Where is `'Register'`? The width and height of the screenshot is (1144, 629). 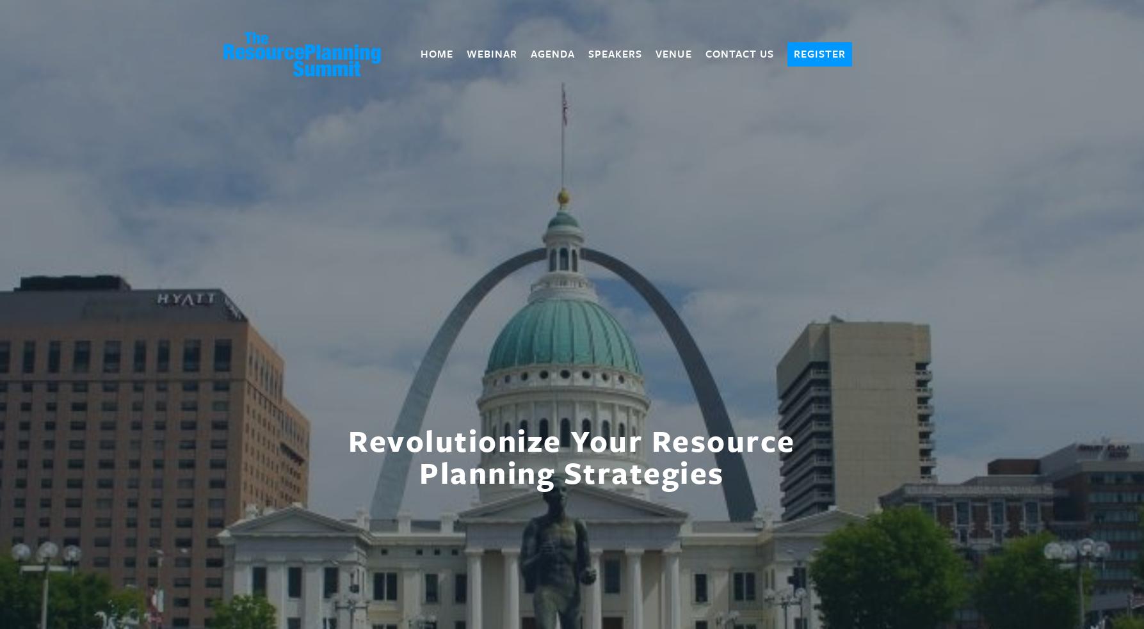 'Register' is located at coordinates (818, 53).